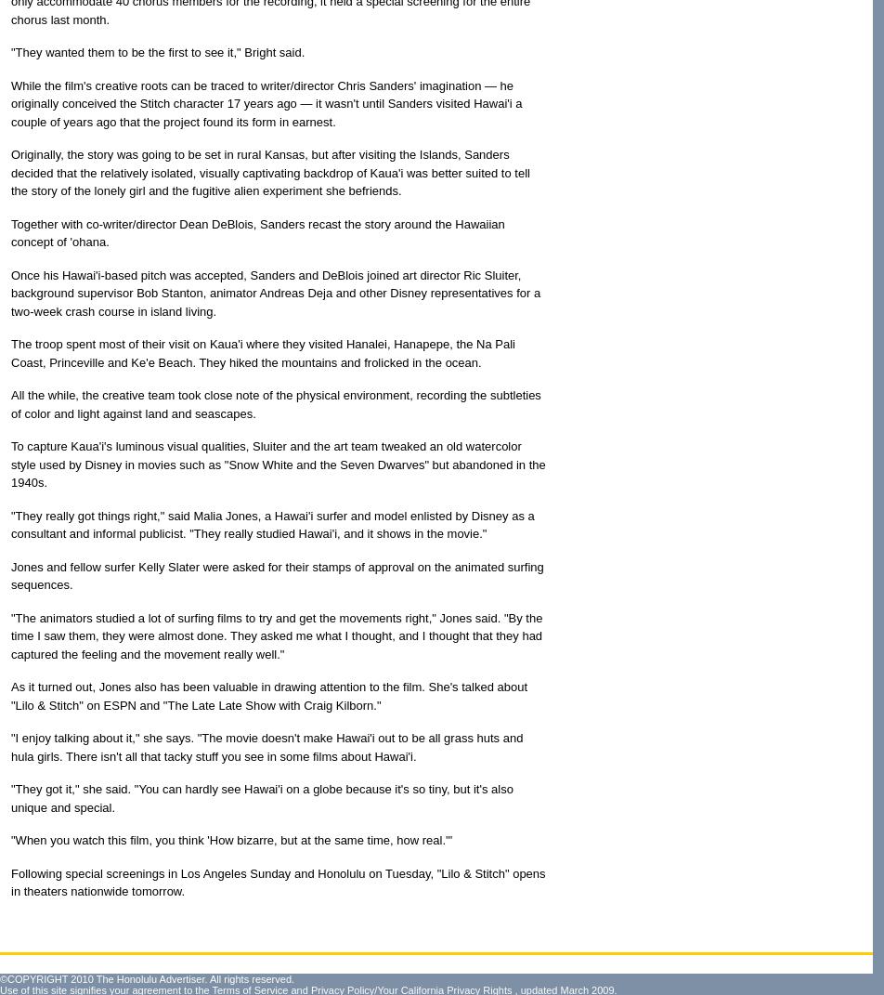 This screenshot has width=884, height=995. Describe the element at coordinates (276, 404) in the screenshot. I see `'All the while, the creative team took close note of the physical environment, recording the subtleties of color and light against land and seascapes.'` at that location.